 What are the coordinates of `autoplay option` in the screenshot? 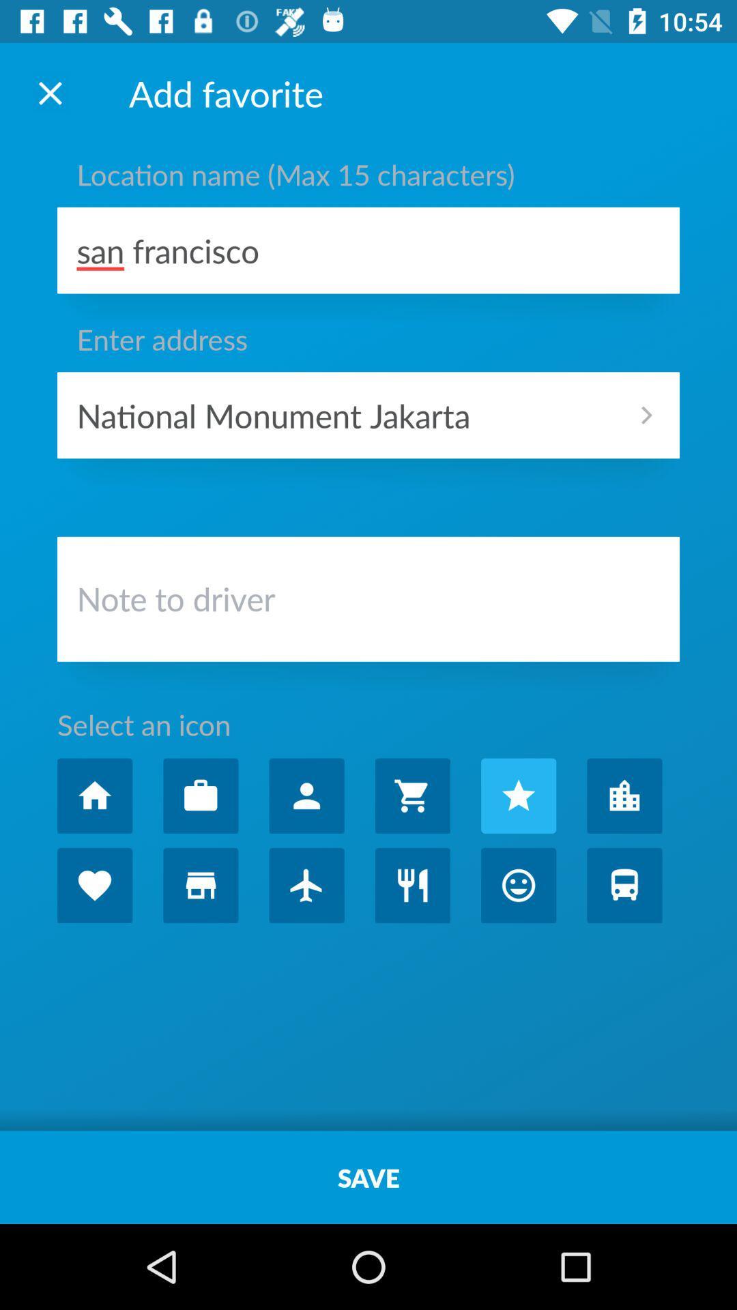 It's located at (411, 885).